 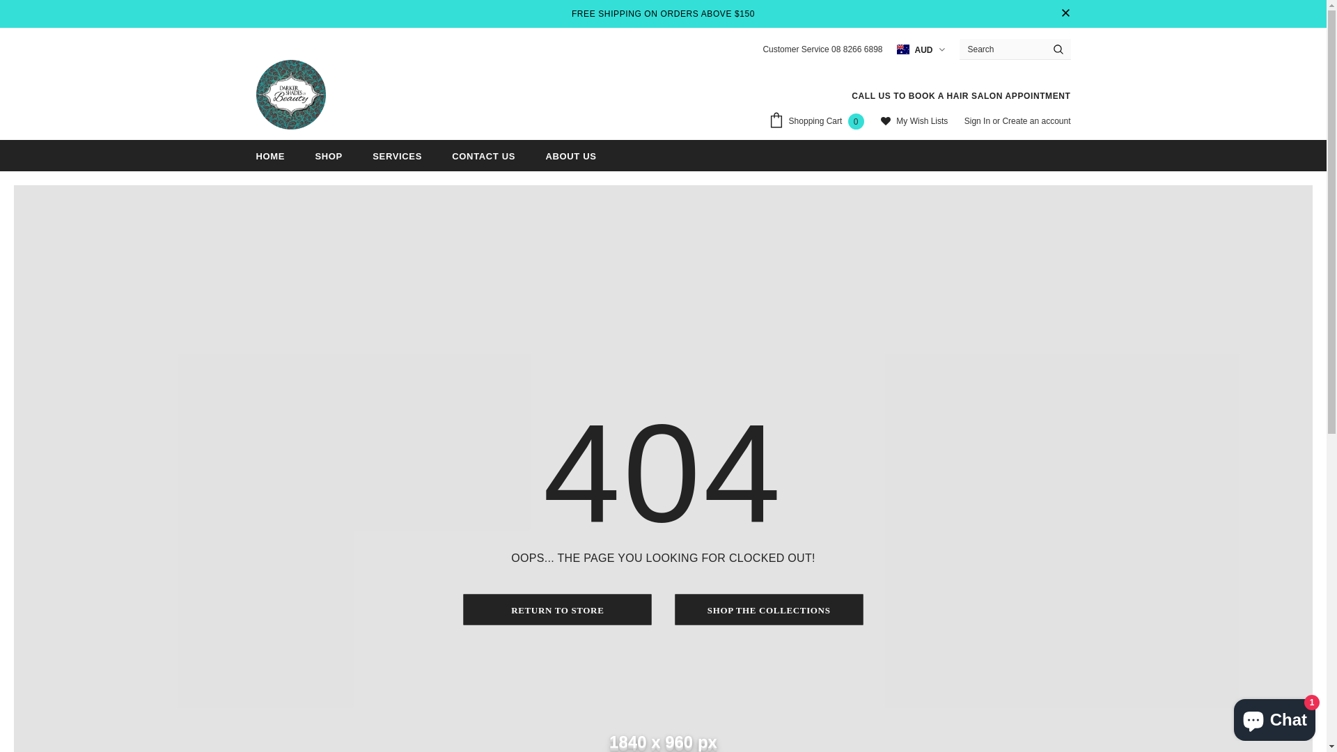 What do you see at coordinates (1274, 716) in the screenshot?
I see `'Shopify online store chat'` at bounding box center [1274, 716].